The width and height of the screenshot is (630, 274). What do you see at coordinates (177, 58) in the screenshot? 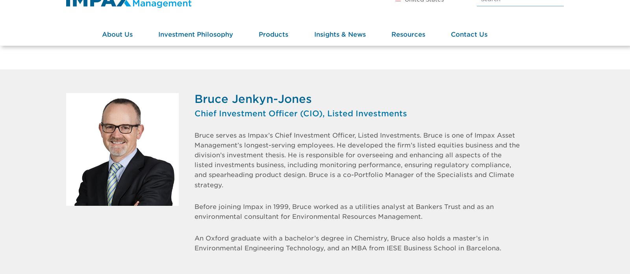
I see `'Investment'` at bounding box center [177, 58].